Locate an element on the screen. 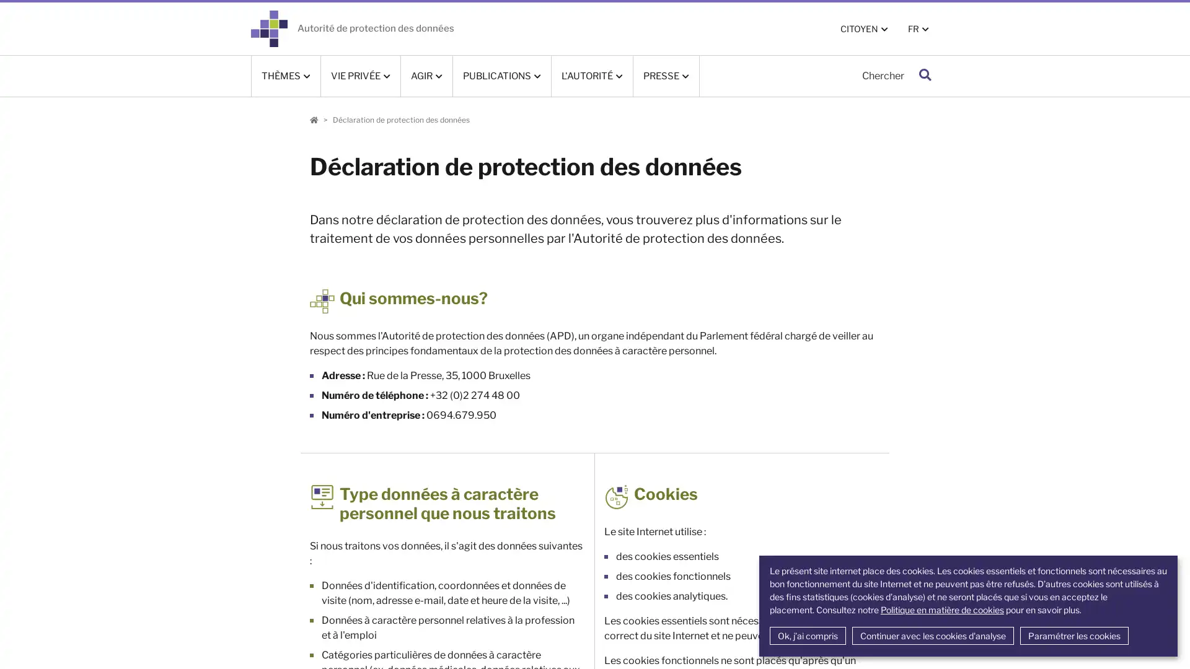  Continuer avec les cookies d'analyse is located at coordinates (932, 636).